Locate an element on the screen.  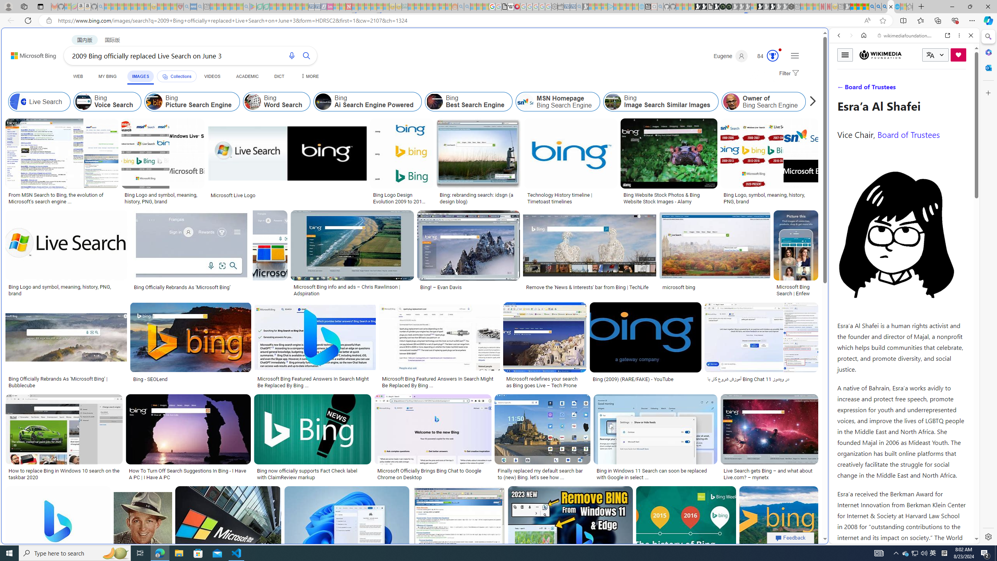
'DITOGAMES AG Imprint - Sleeping' is located at coordinates (405, 6).